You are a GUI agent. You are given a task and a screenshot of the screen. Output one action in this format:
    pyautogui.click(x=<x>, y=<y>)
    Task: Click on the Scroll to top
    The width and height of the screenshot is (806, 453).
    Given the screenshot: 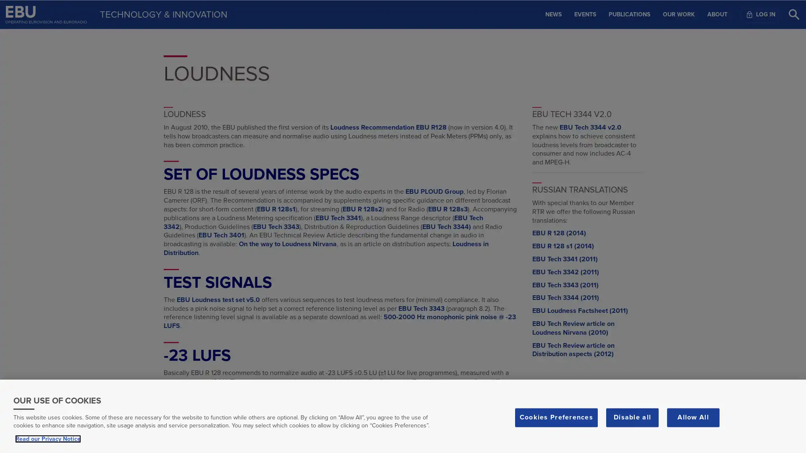 What is the action you would take?
    pyautogui.click(x=759, y=397)
    